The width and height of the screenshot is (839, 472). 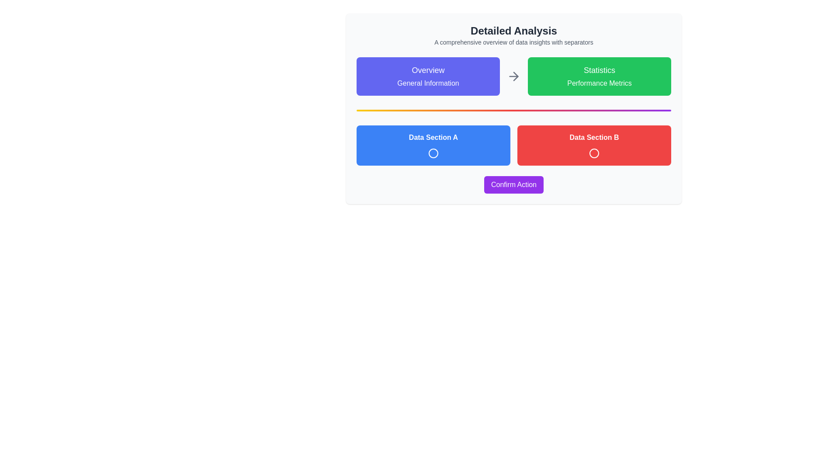 I want to click on the text label 'General Information', which is styled with a white font on a blue background and centered below the heading 'Overview', so click(x=428, y=83).